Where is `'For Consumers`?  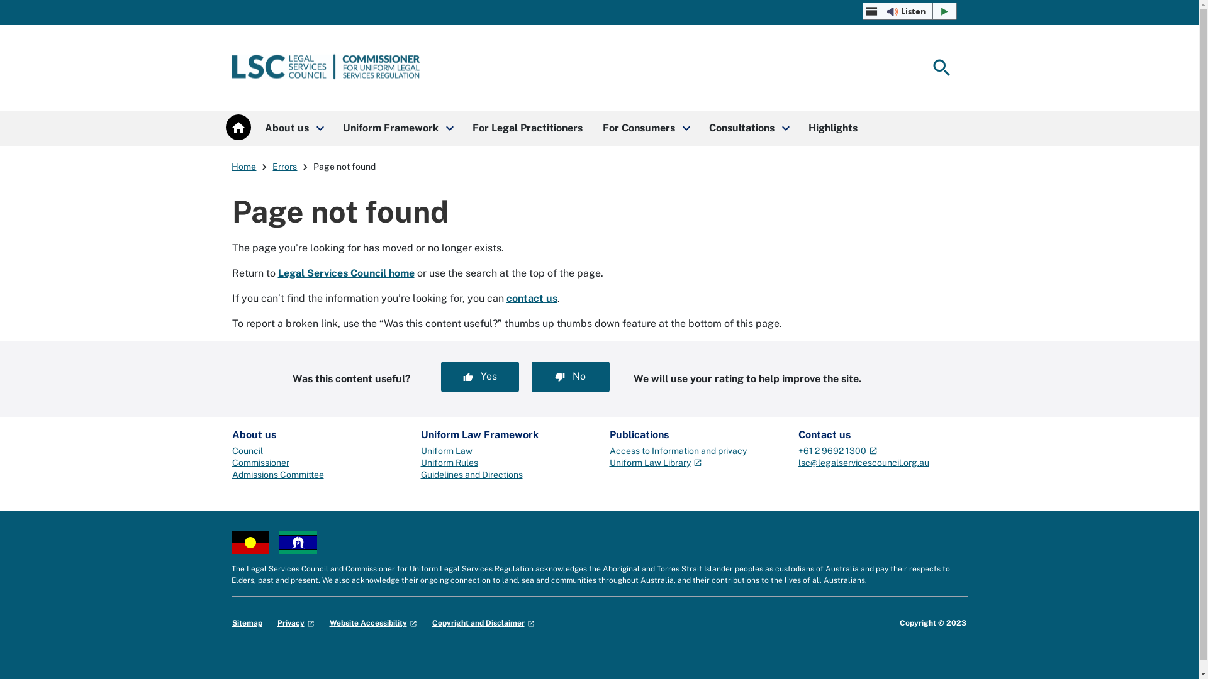 'For Consumers is located at coordinates (646, 128).